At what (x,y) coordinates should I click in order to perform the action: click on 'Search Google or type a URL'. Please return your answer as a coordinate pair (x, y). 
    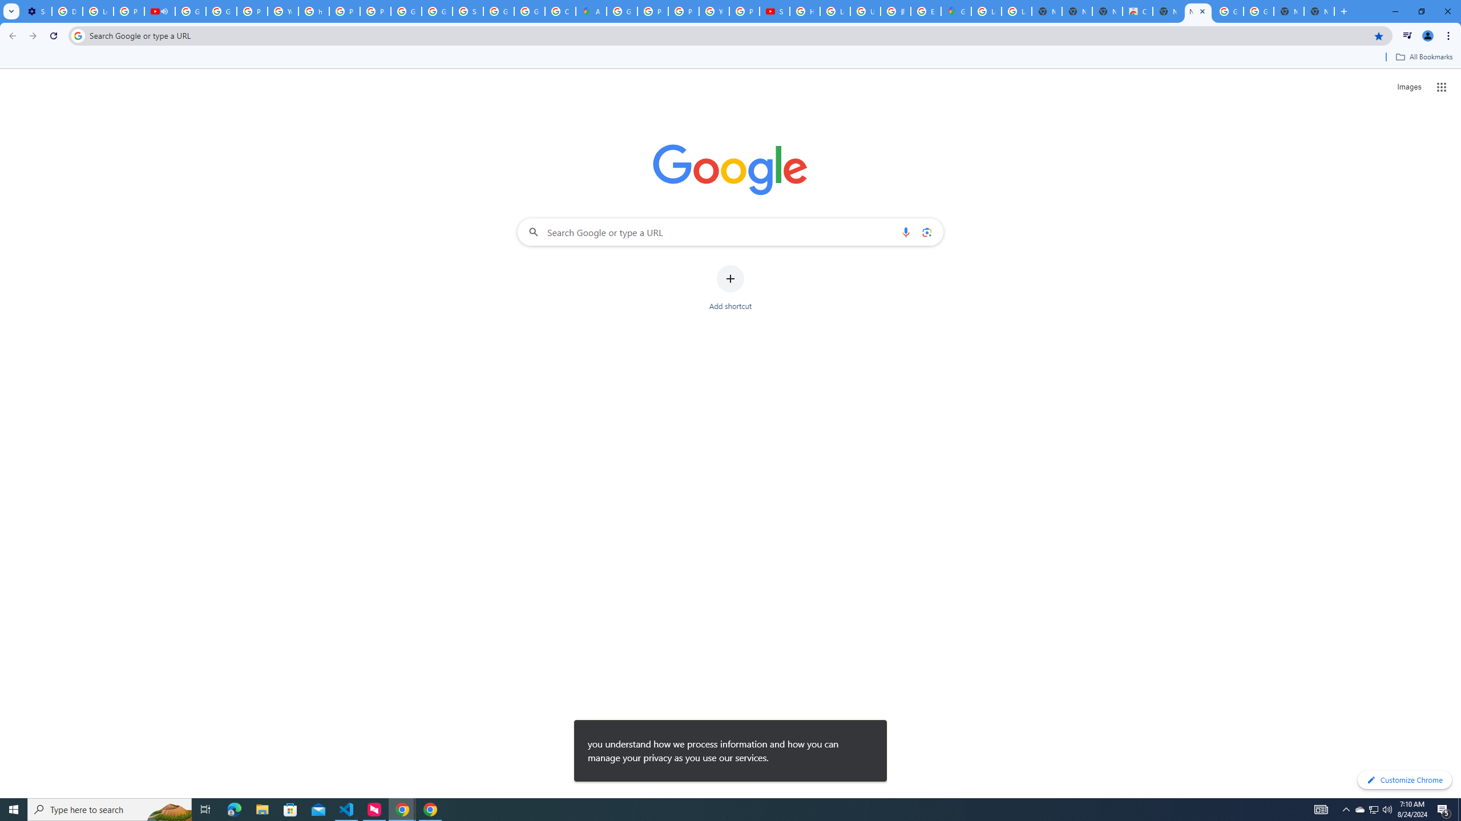
    Looking at the image, I should click on (730, 231).